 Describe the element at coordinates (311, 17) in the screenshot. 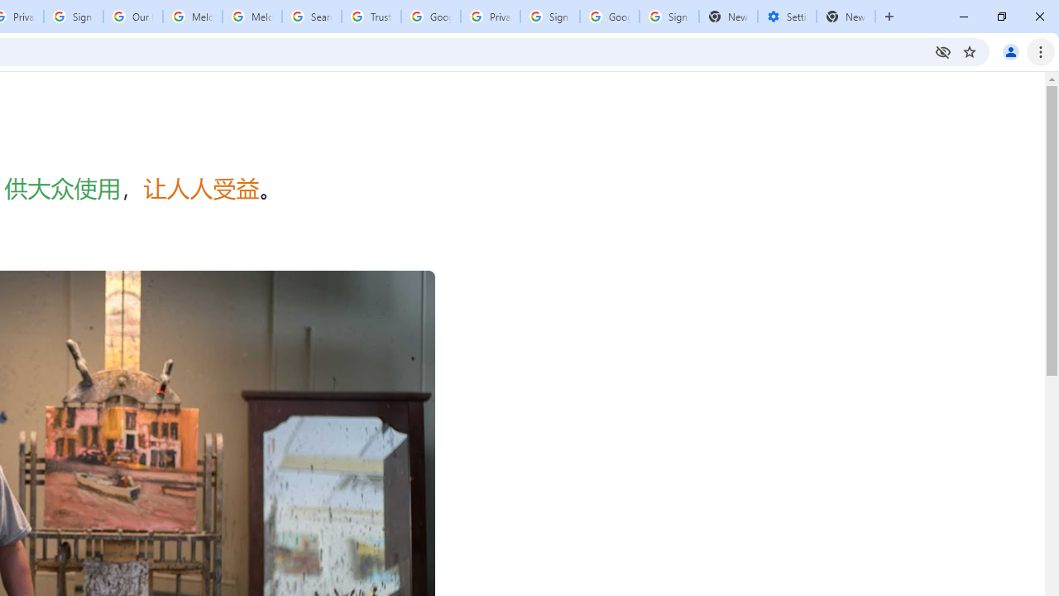

I see `'Search our Doodle Library Collection - Google Doodles'` at that location.